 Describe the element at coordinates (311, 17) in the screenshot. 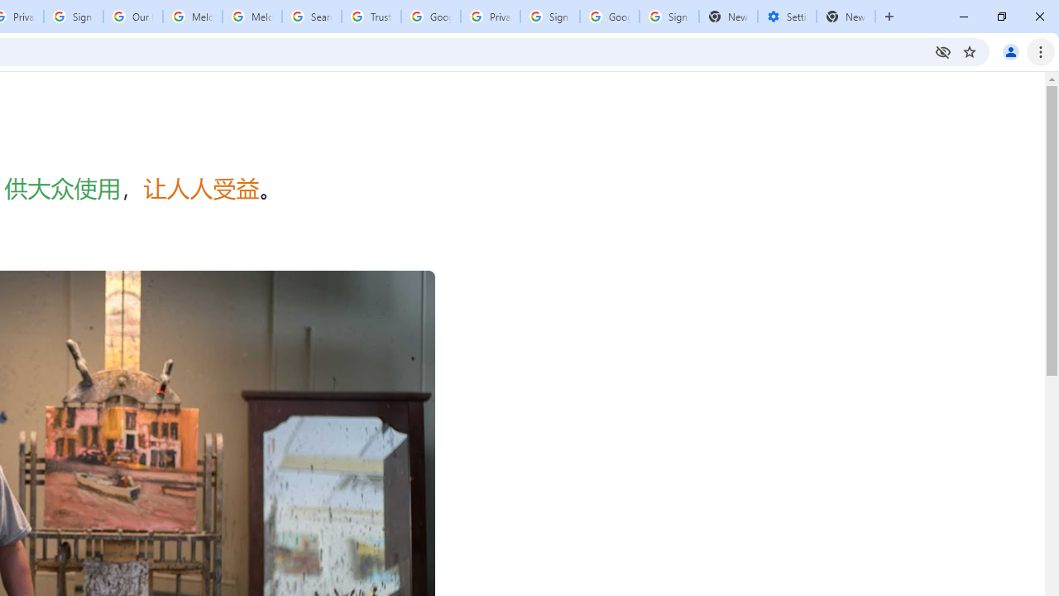

I see `'Search our Doodle Library Collection - Google Doodles'` at that location.